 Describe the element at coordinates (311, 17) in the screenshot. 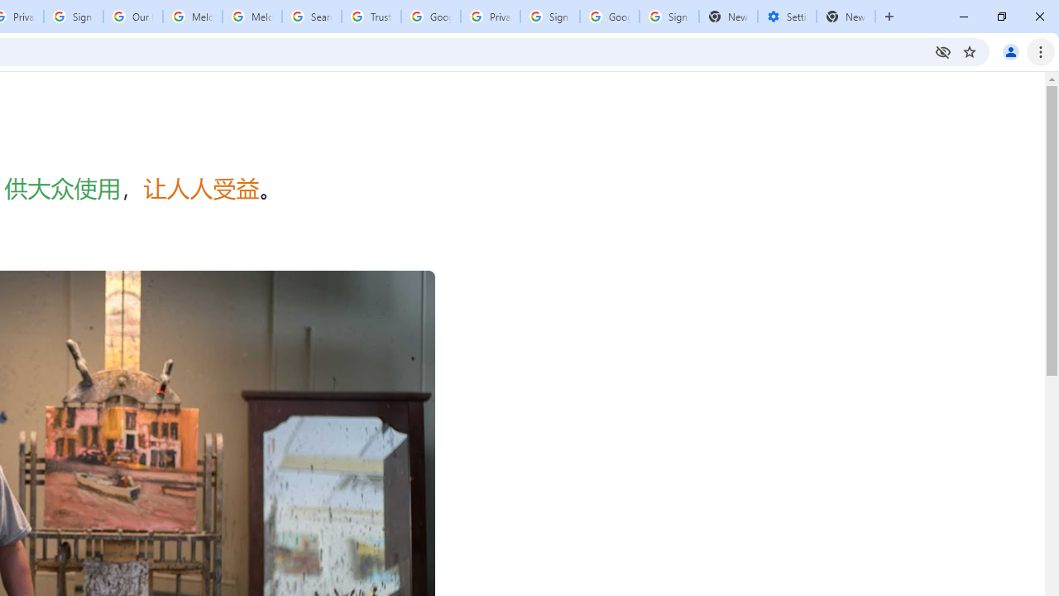

I see `'Search our Doodle Library Collection - Google Doodles'` at that location.